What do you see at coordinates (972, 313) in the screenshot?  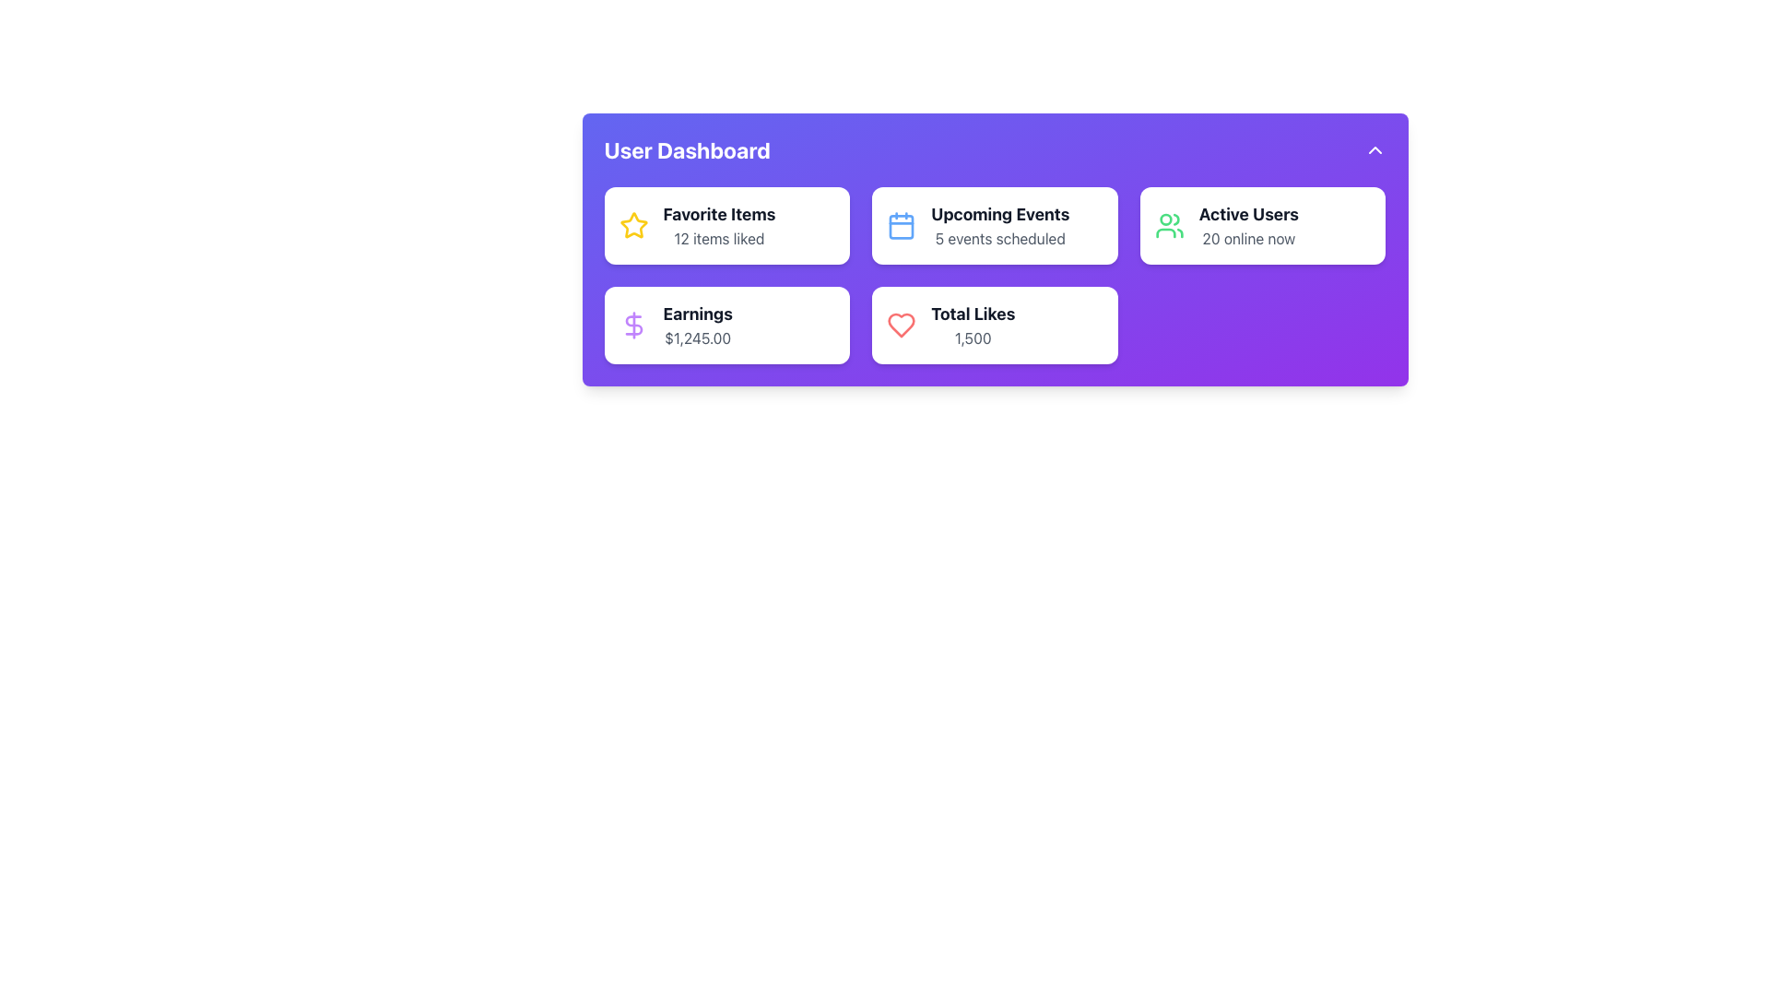 I see `the label indicating the total number of likes, which is horizontally centered within its card layout and positioned to the right of the heart icon` at bounding box center [972, 313].